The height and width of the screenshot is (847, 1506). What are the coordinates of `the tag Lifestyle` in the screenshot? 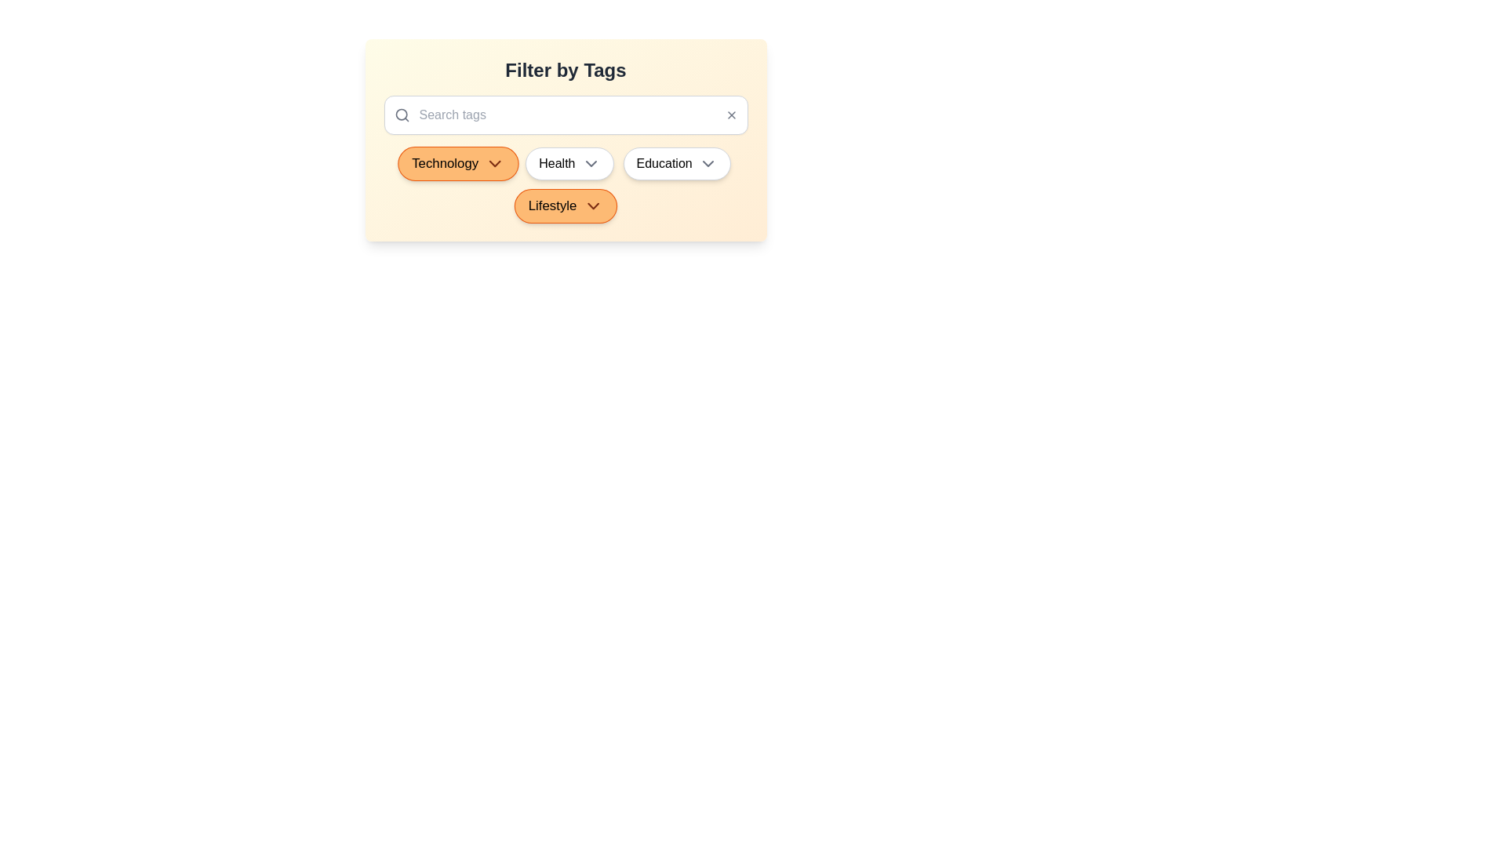 It's located at (565, 205).